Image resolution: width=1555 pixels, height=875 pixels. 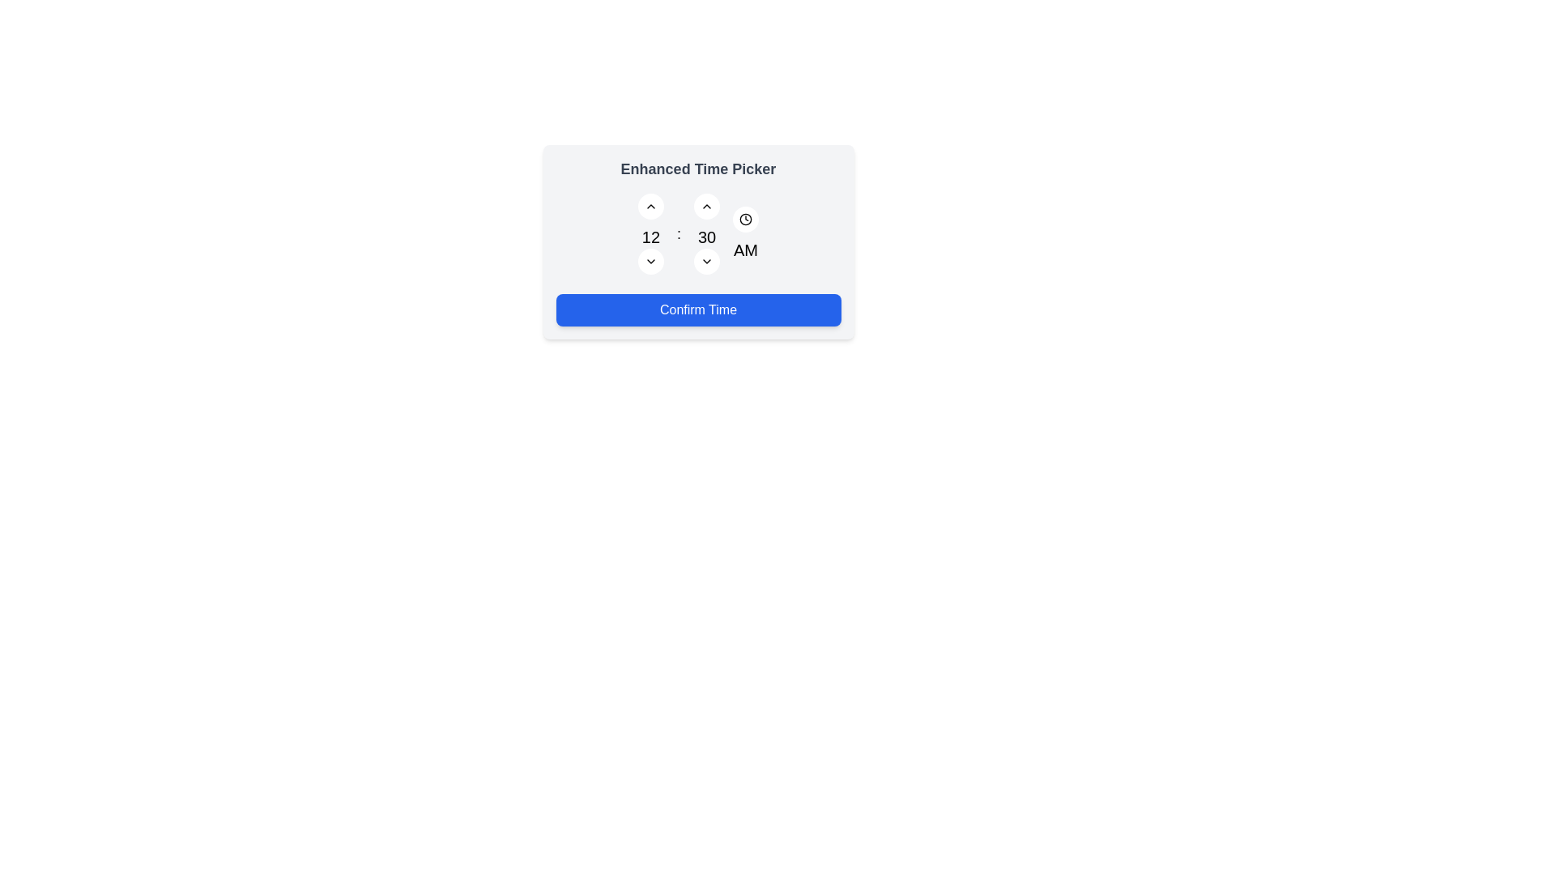 What do you see at coordinates (707, 261) in the screenshot?
I see `the rounded button with a white background and a downward chevron icon located below the numeric value '30' to decrease the time value` at bounding box center [707, 261].